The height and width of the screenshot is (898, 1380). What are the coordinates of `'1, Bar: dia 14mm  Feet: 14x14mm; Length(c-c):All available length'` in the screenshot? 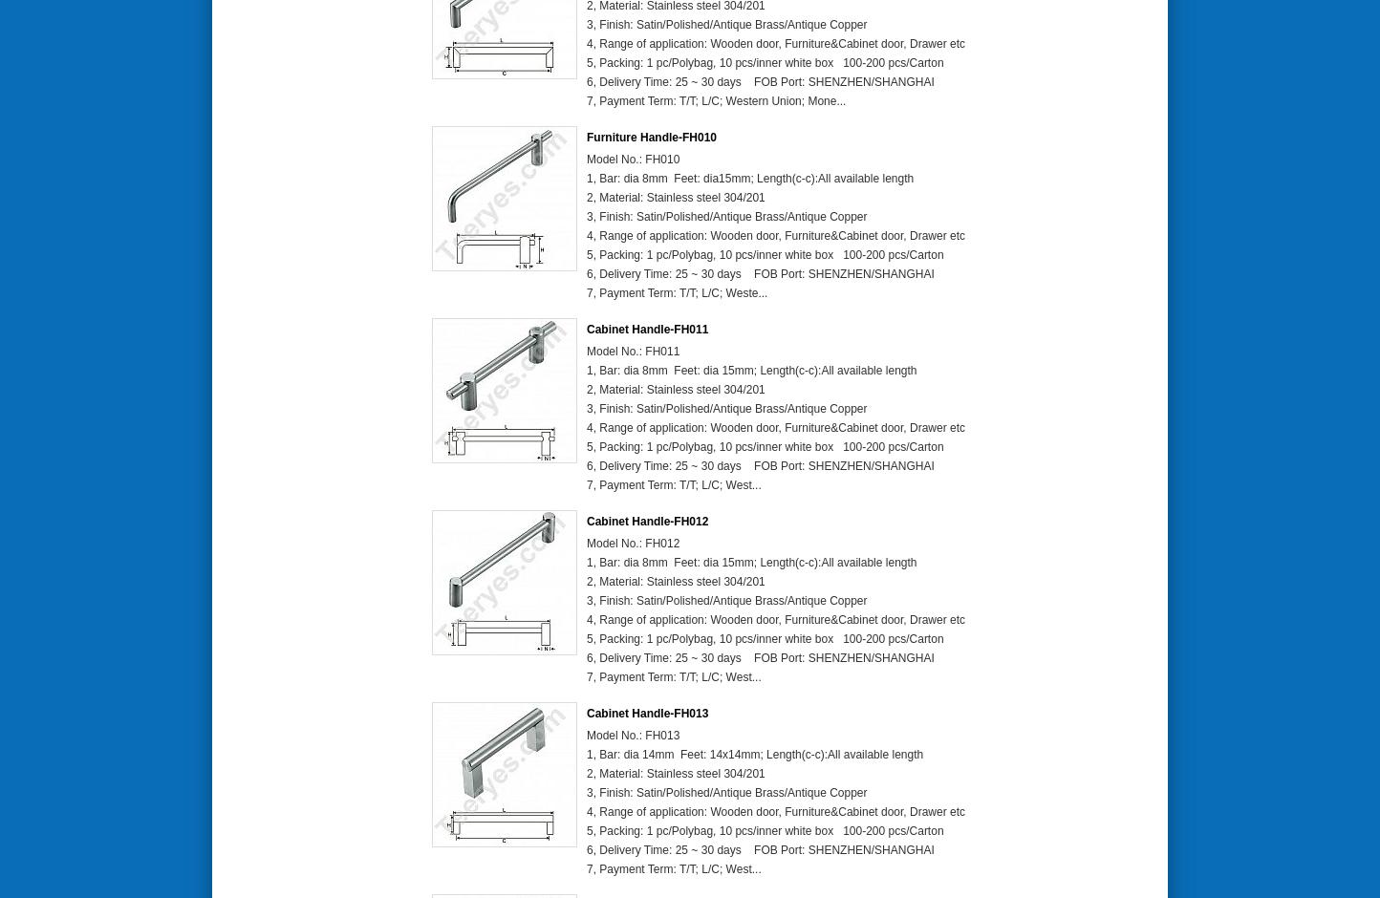 It's located at (754, 754).